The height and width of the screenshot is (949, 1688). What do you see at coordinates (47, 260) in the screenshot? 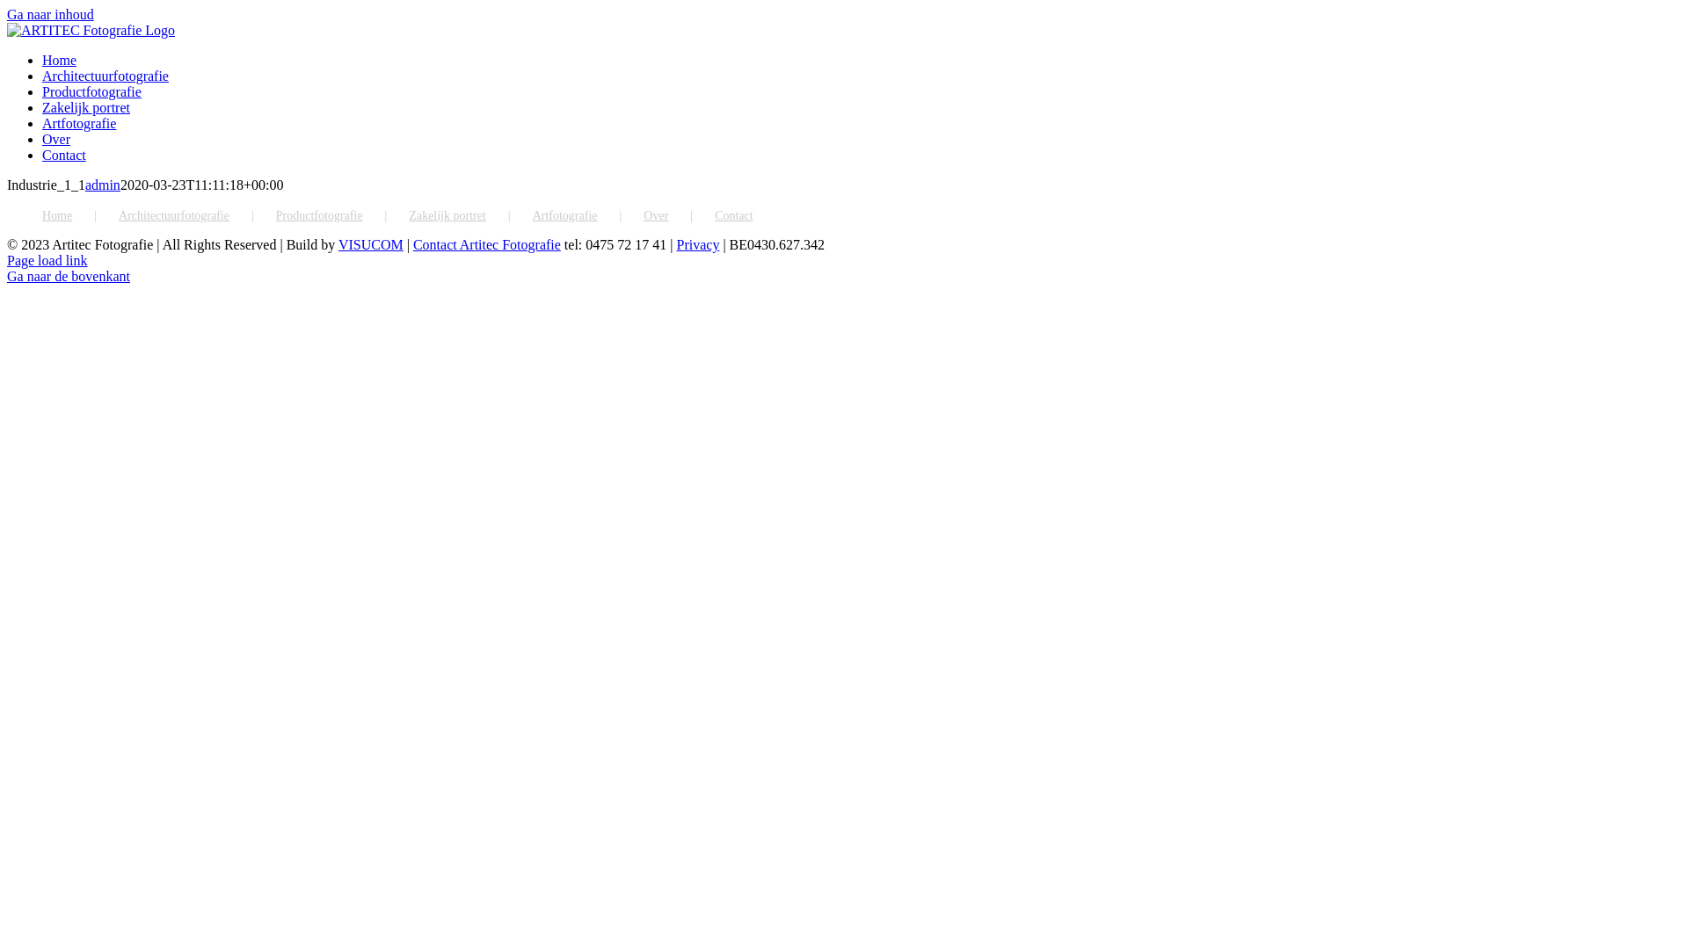
I see `'Page load link'` at bounding box center [47, 260].